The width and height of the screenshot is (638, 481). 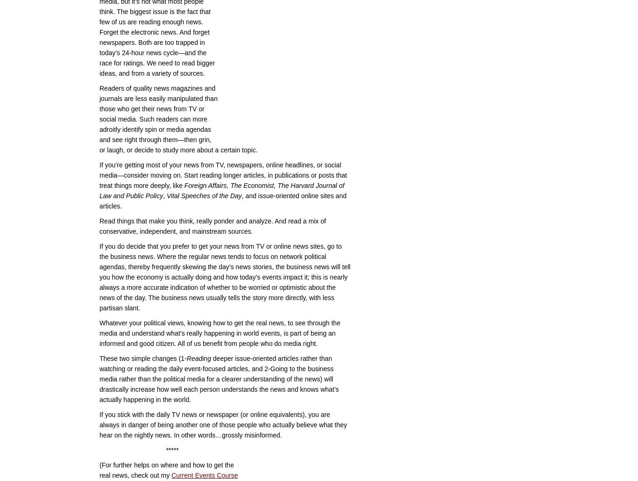 What do you see at coordinates (220, 332) in the screenshot?
I see `'Whatever your political views, knowing how to get the real news, to see through the media and understand what’s really happening in world events, is part of being an informed and good citizen. All of us benefit from people who do media right.'` at bounding box center [220, 332].